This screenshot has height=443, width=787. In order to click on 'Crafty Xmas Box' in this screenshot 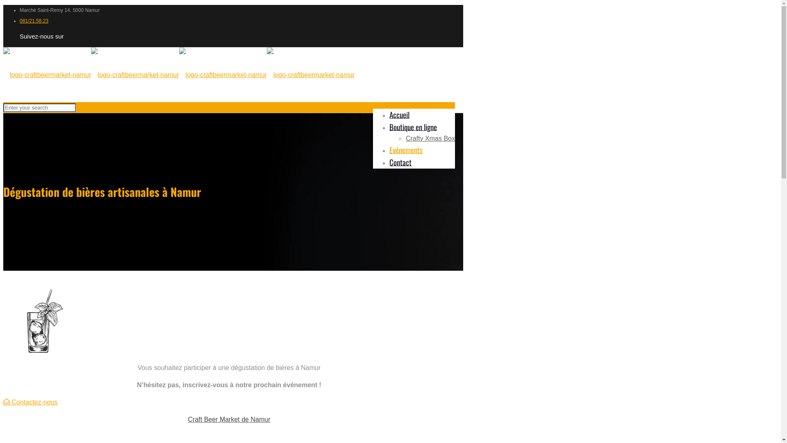, I will do `click(430, 138)`.